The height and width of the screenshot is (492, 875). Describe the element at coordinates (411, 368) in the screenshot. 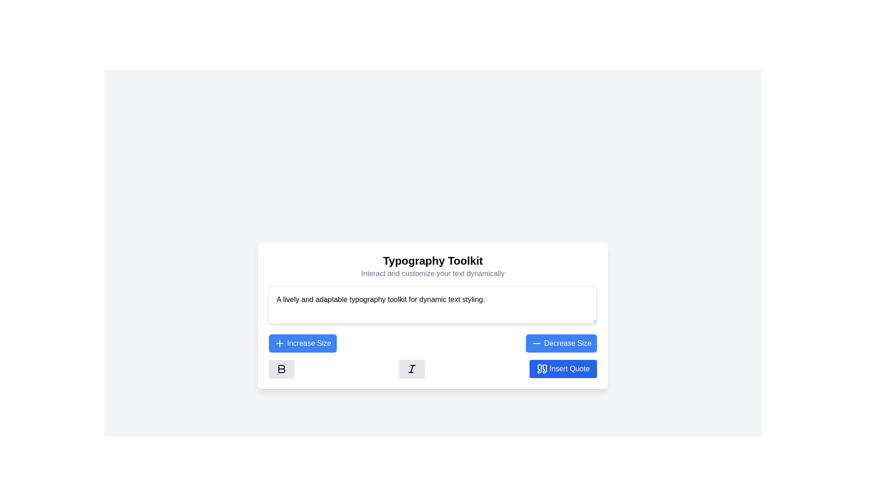

I see `the italic toggle button, which is the second button in the row of text styling buttons located below the text input field` at that location.